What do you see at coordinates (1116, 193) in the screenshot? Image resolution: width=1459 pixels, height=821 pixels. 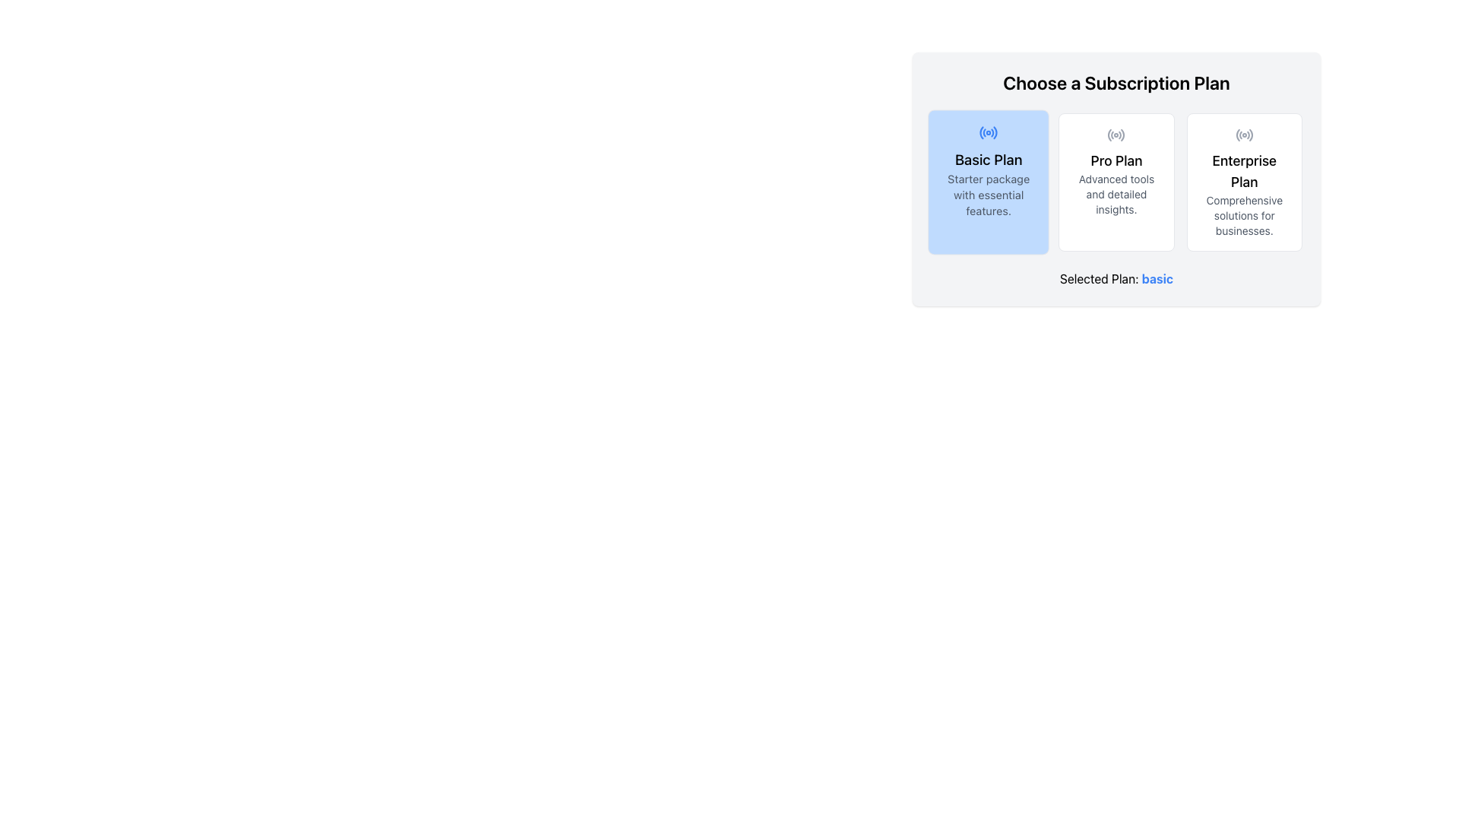 I see `the text element that reads 'Advanced tools and detailed insights.' which is styled in a smaller, gray font and located below the 'Pro Plan' title in a subscription selection interface` at bounding box center [1116, 193].